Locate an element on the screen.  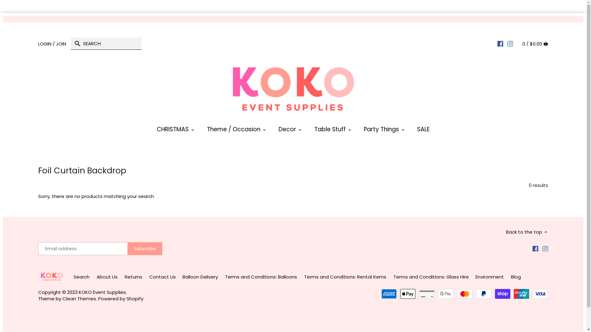
'Terms and Conditions: Balloons' is located at coordinates (261, 277).